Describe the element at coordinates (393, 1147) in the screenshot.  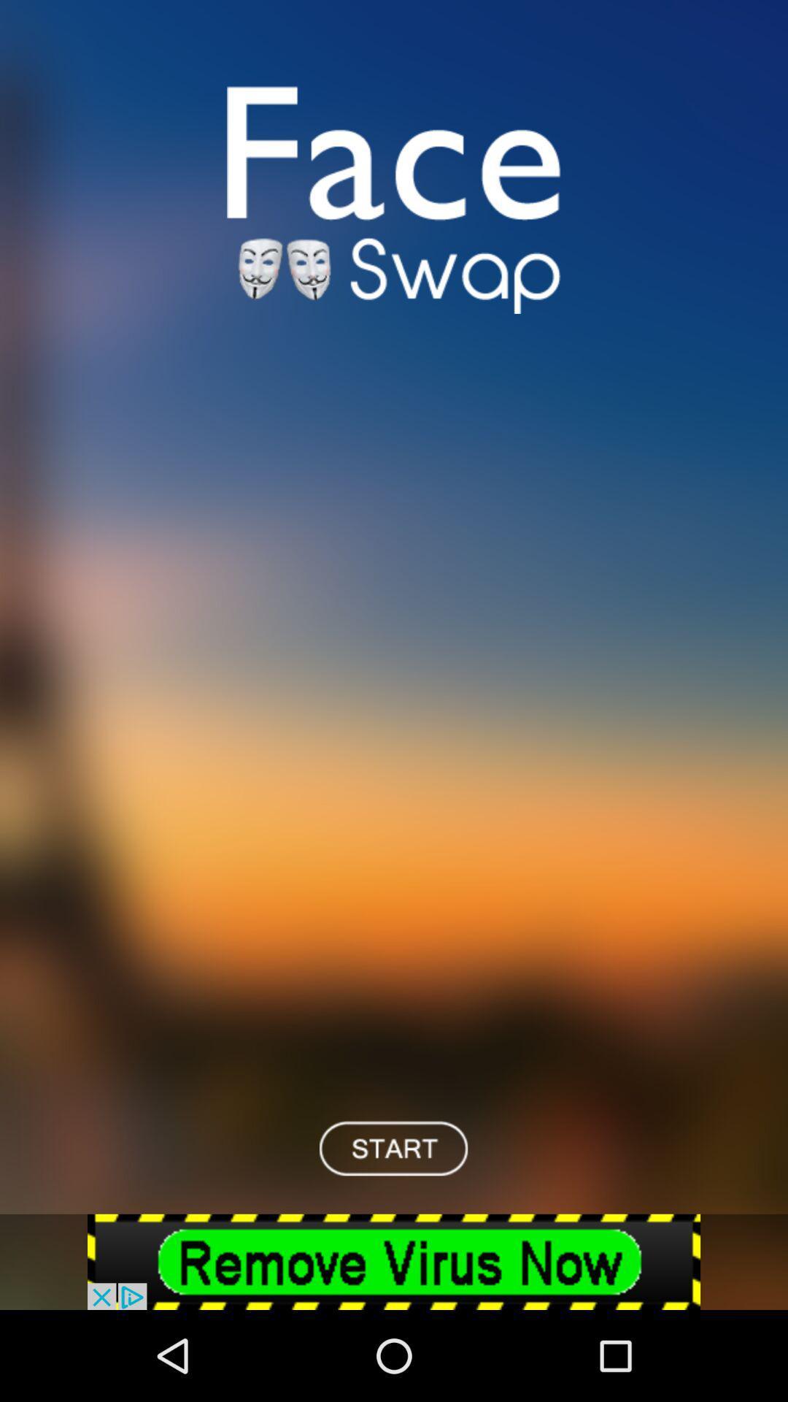
I see `start` at that location.